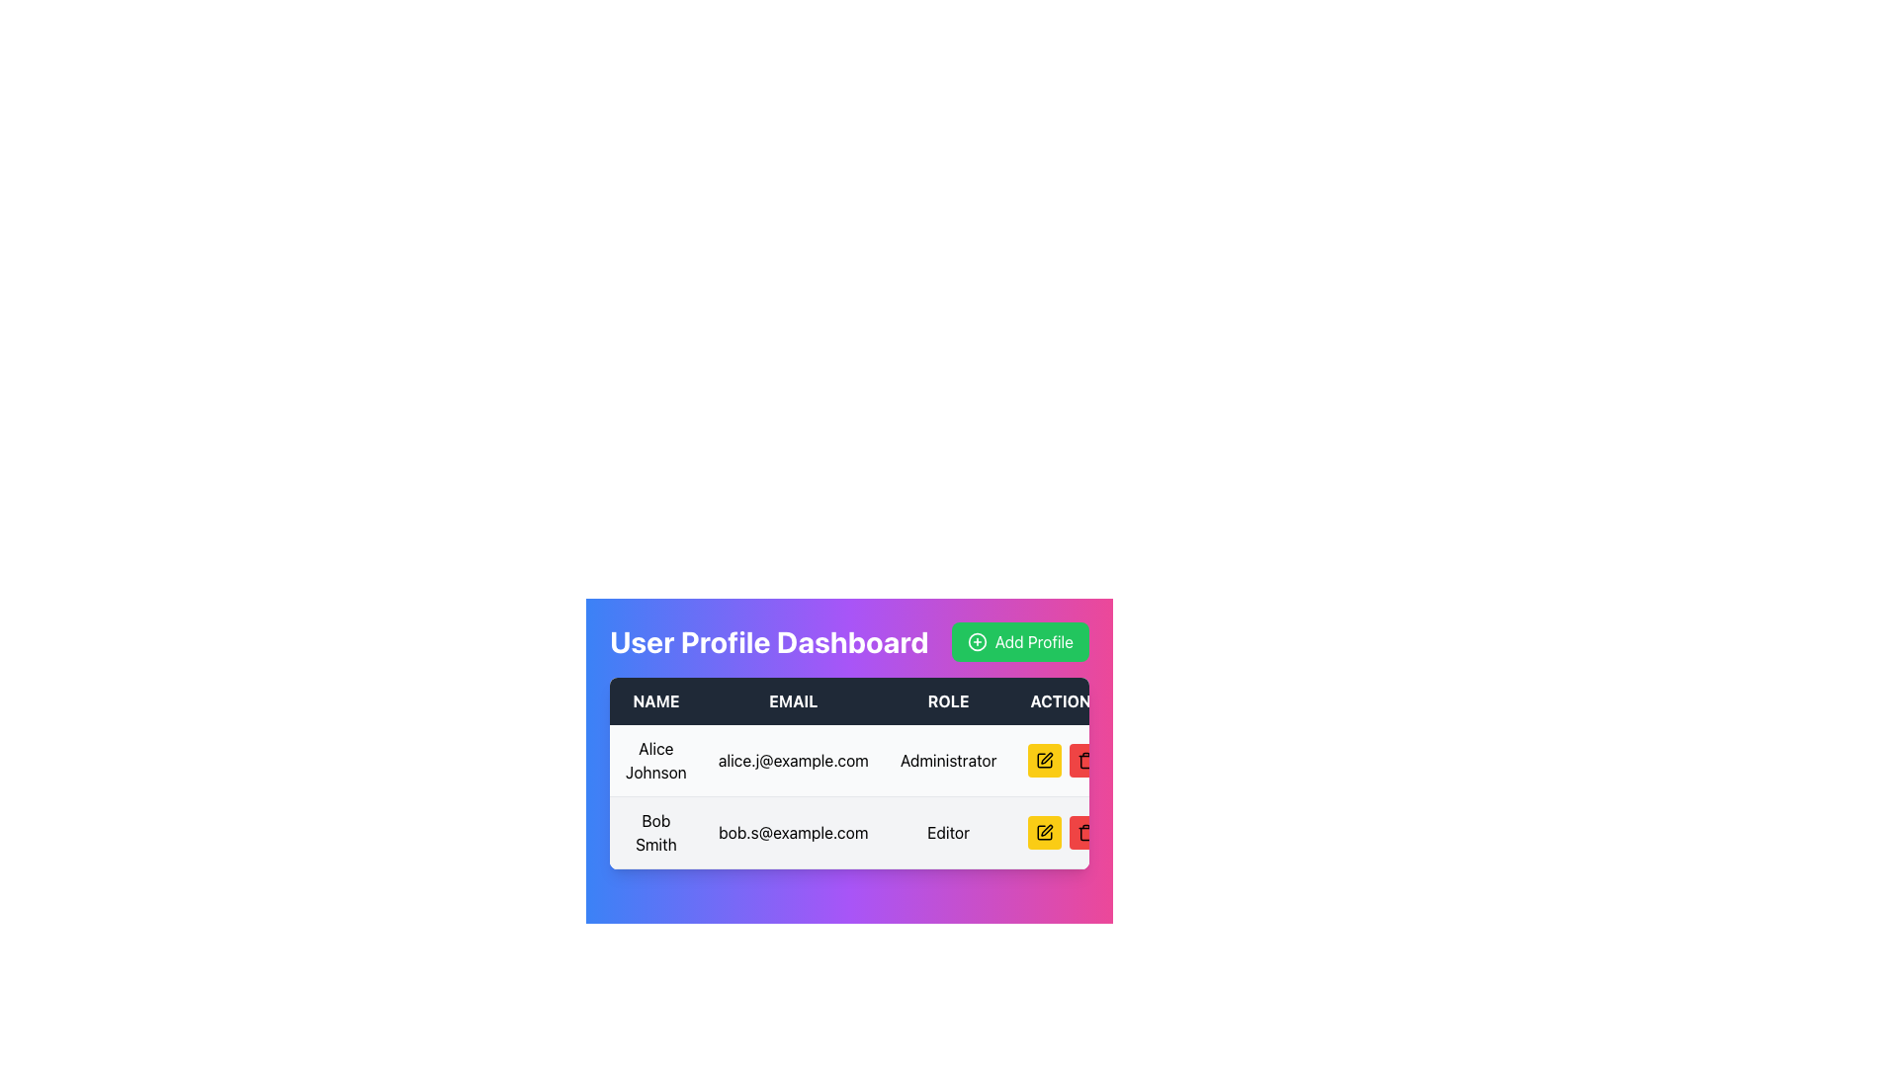 Image resolution: width=1898 pixels, height=1067 pixels. I want to click on the edit icon within the Actions column for the 'Alice Johnson' row in the user profile dashboard, so click(1065, 760).